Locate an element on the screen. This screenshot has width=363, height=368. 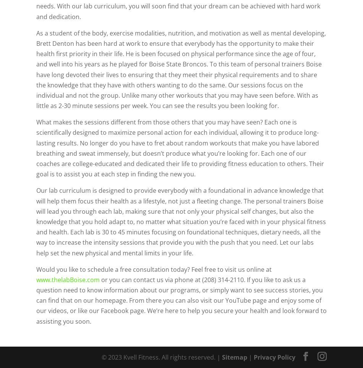
'|' is located at coordinates (250, 357).